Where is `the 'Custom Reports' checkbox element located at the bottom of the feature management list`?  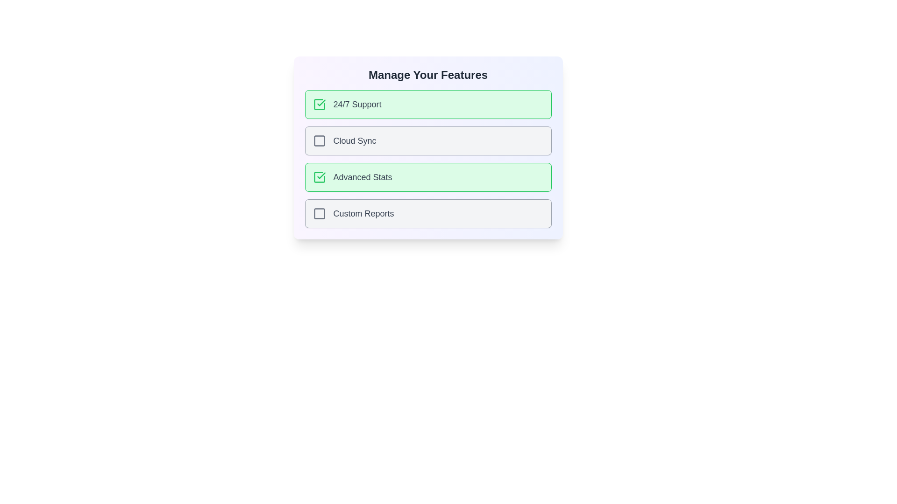 the 'Custom Reports' checkbox element located at the bottom of the feature management list is located at coordinates (427, 214).